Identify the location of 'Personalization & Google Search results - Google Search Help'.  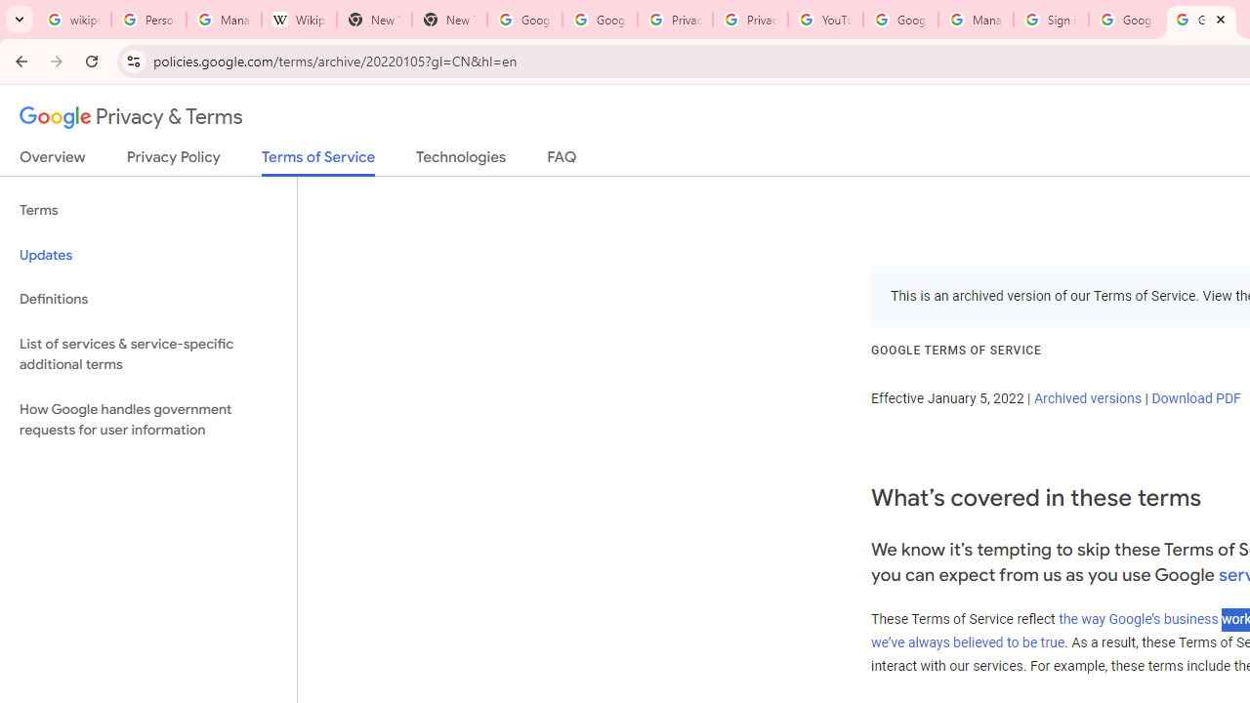
(147, 20).